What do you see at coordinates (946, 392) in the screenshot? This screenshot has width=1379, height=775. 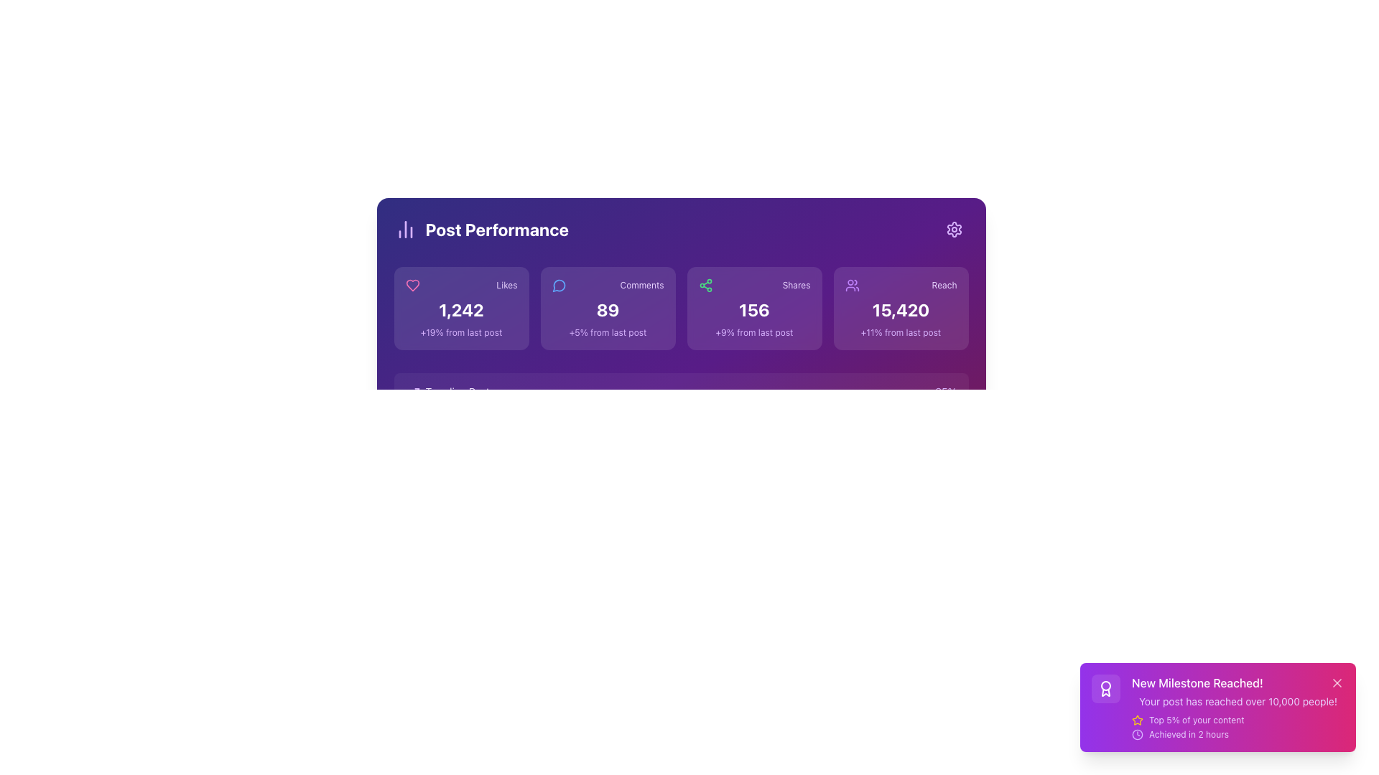 I see `the display label showing the percentage value associated with the 'Trending Post' row, located at the bottom-right end of the row` at bounding box center [946, 392].